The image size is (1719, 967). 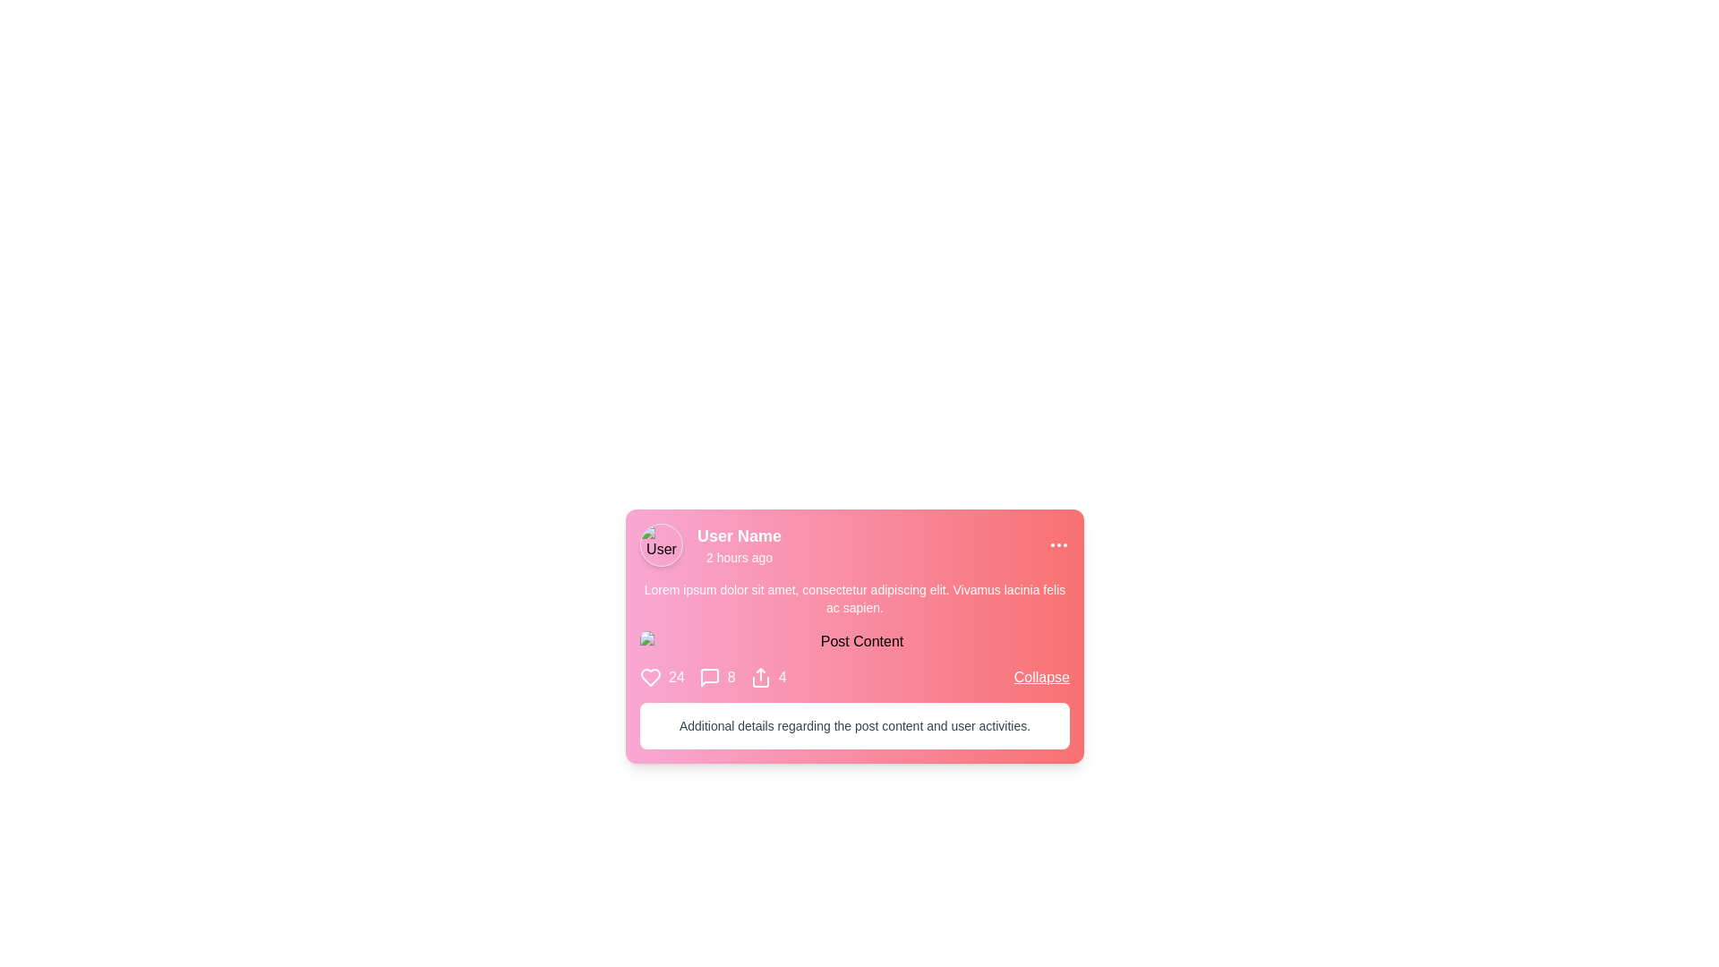 I want to click on the Interactive Comment Count Display, which shows the number '8' and is positioned between the heart icon (24) and the share icon (4), so click(x=717, y=677).